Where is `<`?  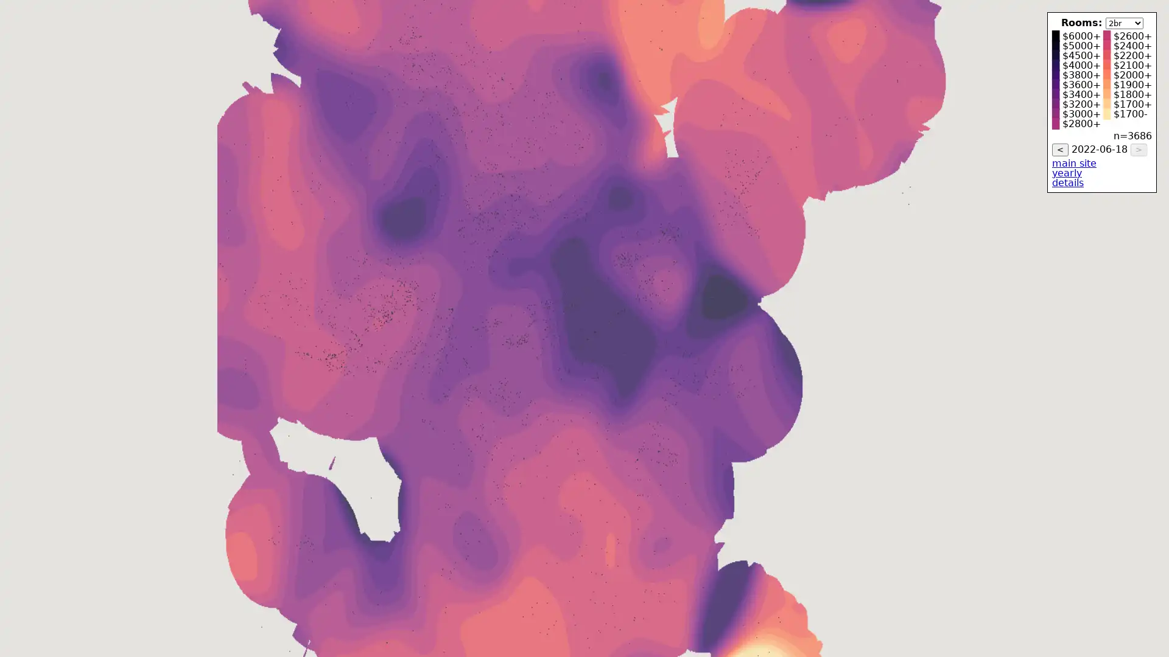 < is located at coordinates (1059, 149).